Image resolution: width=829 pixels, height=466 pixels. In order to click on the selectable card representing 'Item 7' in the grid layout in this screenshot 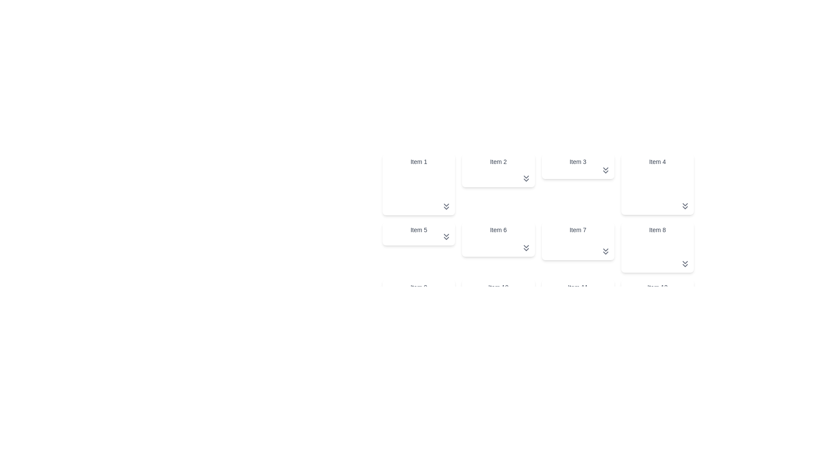, I will do `click(538, 244)`.